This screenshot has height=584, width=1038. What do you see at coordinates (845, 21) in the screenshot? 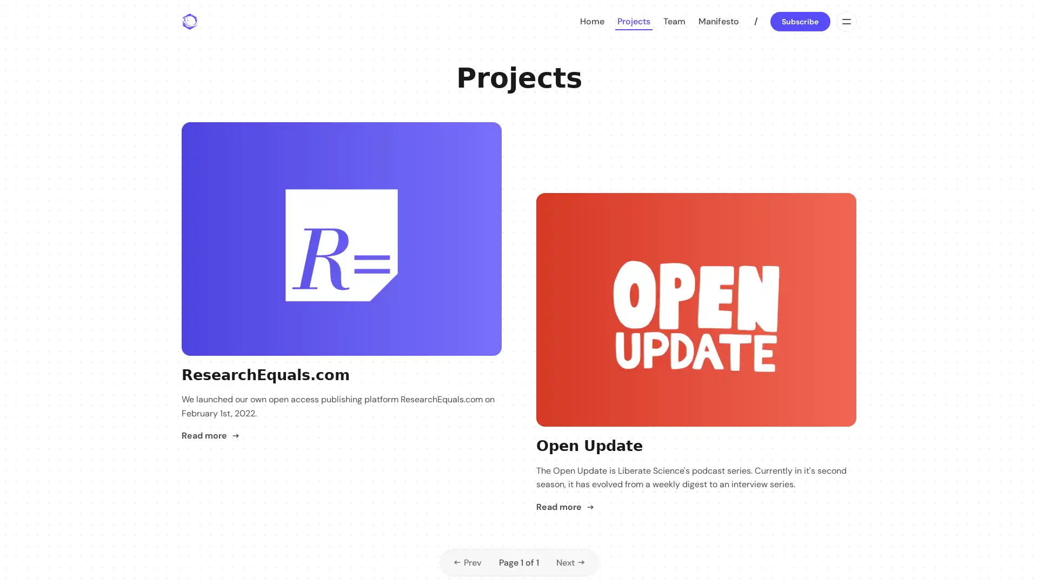
I see `Menu` at bounding box center [845, 21].